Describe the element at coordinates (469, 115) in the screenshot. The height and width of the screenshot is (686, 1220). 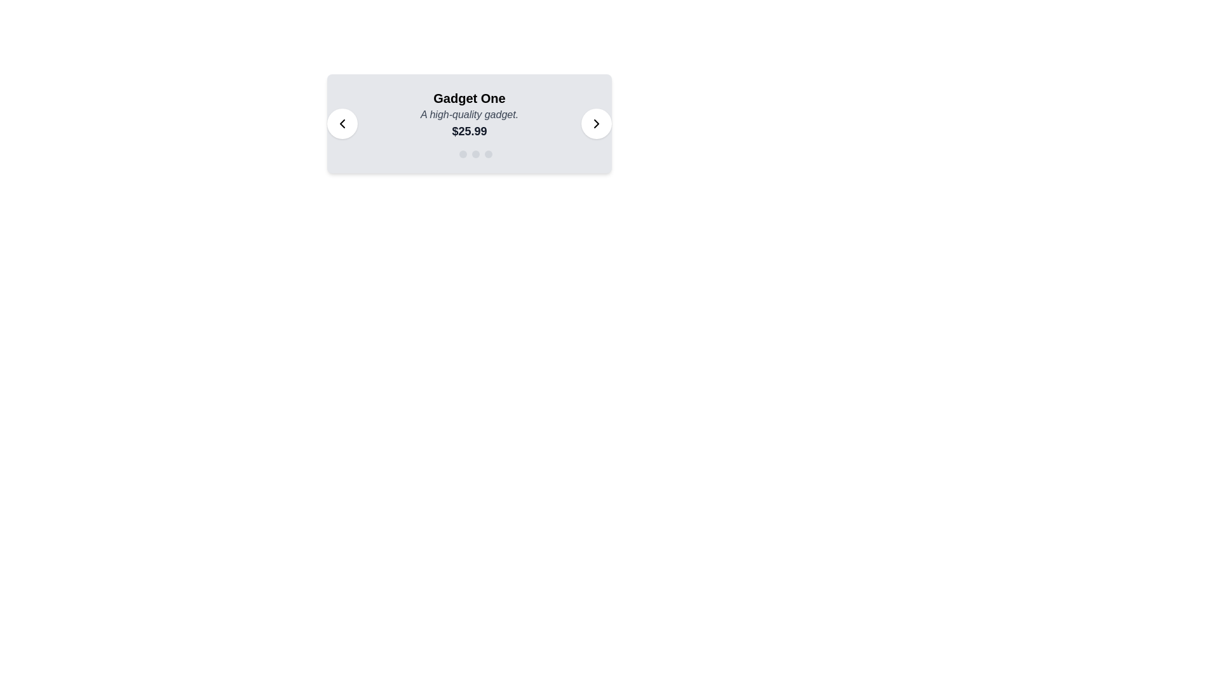
I see `the text label that reads 'A high-quality gadget.' which is styled in gray and italic, positioned between the title 'Gadget One' and the price '$25.99'` at that location.